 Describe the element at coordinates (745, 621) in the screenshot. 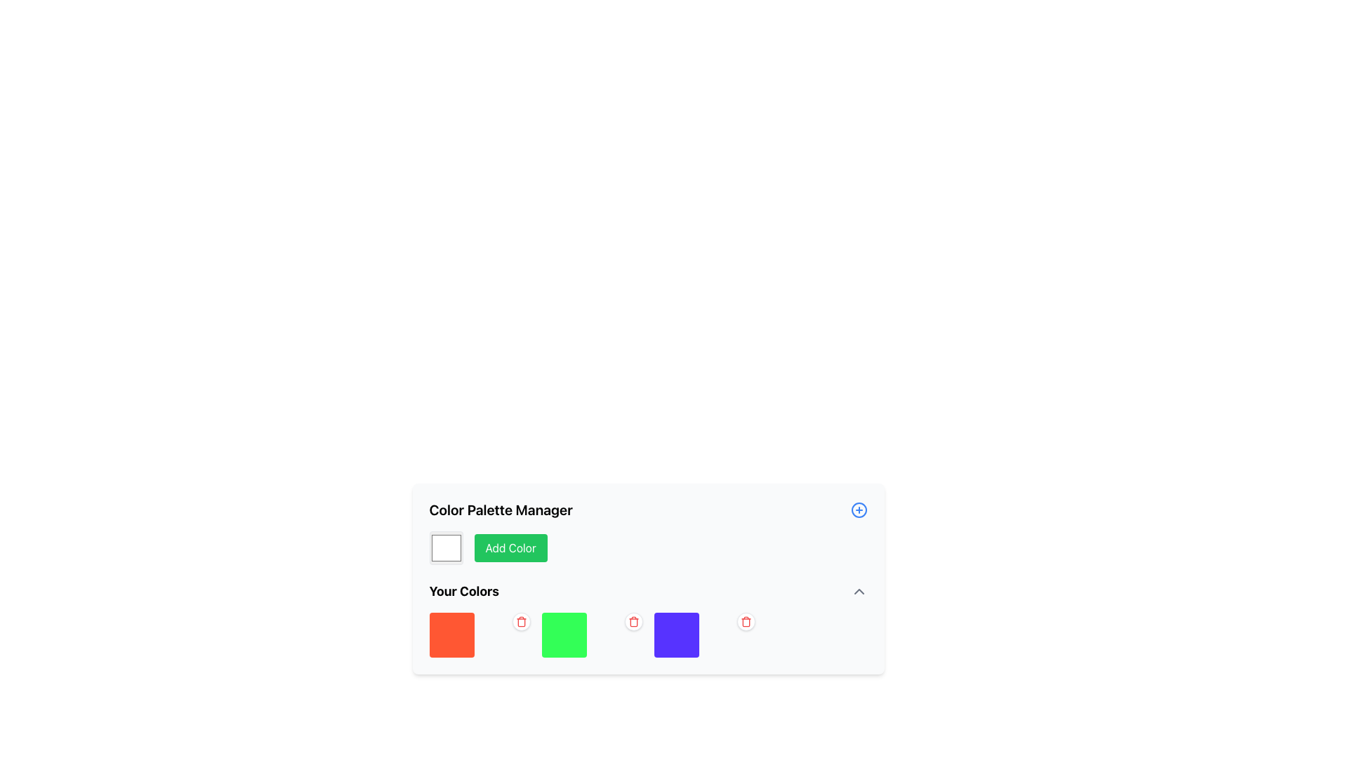

I see `the Circular Icon Button located at the top-right corner of the purple square color block in the 'Your Colors' section to invoke the delete action` at that location.